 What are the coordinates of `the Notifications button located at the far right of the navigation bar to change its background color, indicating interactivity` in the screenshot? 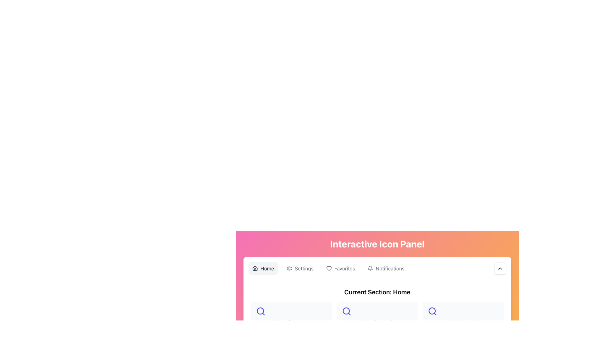 It's located at (386, 268).